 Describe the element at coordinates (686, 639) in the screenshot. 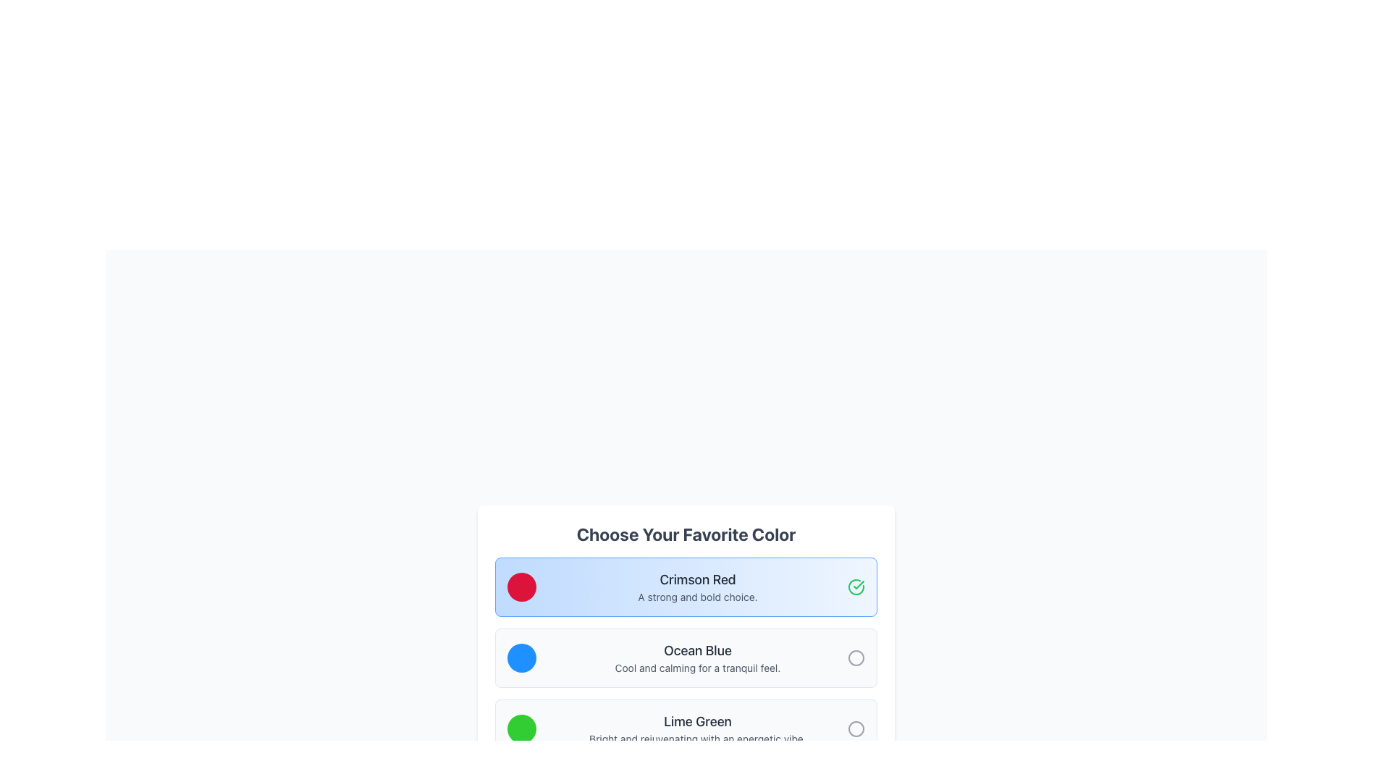

I see `to select the 'Ocean Blue' radio button option, which is the second option in the list under 'Choose Your Favorite Color'` at that location.